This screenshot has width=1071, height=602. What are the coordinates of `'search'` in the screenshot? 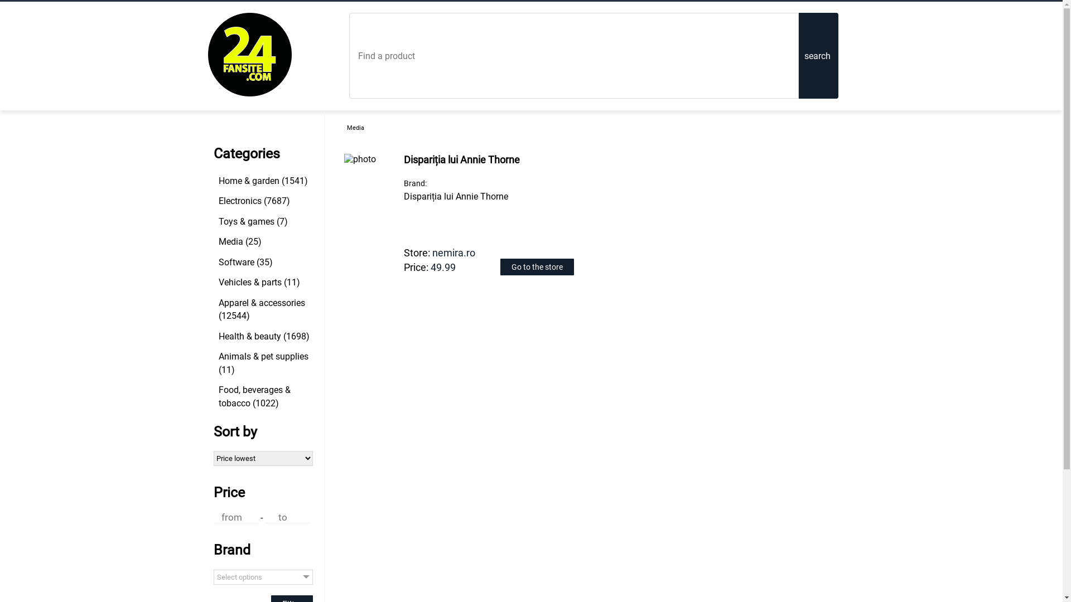 It's located at (818, 56).